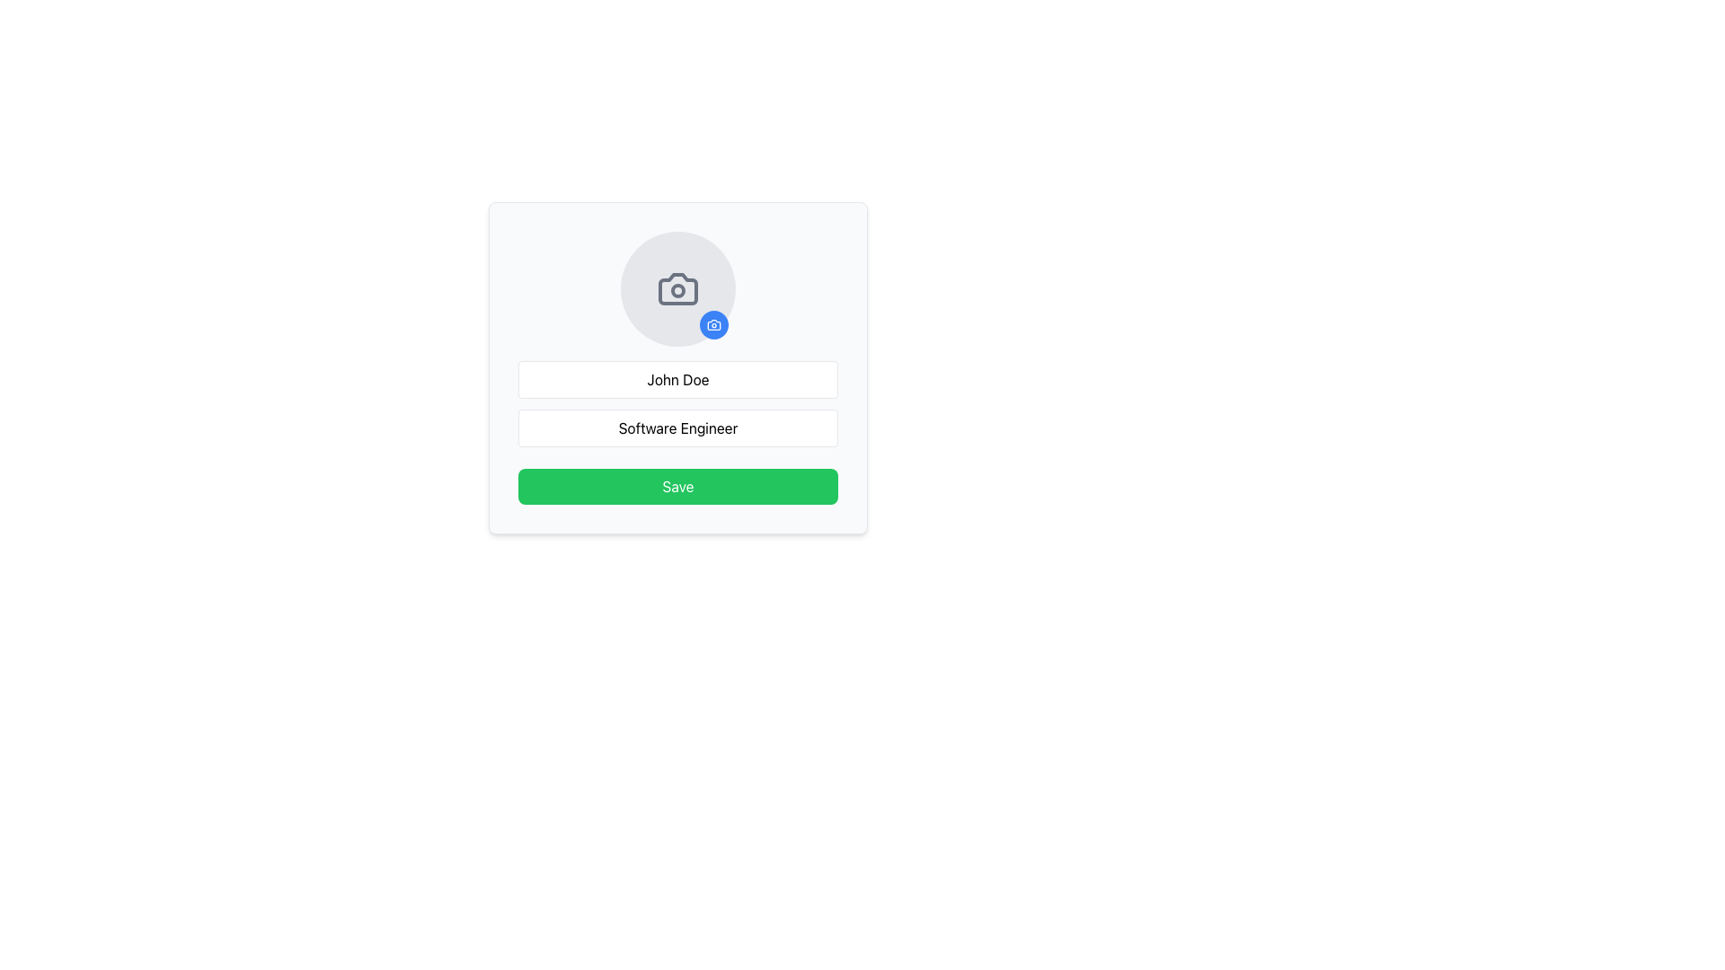 The width and height of the screenshot is (1725, 970). Describe the element at coordinates (677, 287) in the screenshot. I see `the center of the camera-shaped icon located at the upper section of the profile edit card, which is above the text fields for 'John Doe' and 'Software Engineer'` at that location.